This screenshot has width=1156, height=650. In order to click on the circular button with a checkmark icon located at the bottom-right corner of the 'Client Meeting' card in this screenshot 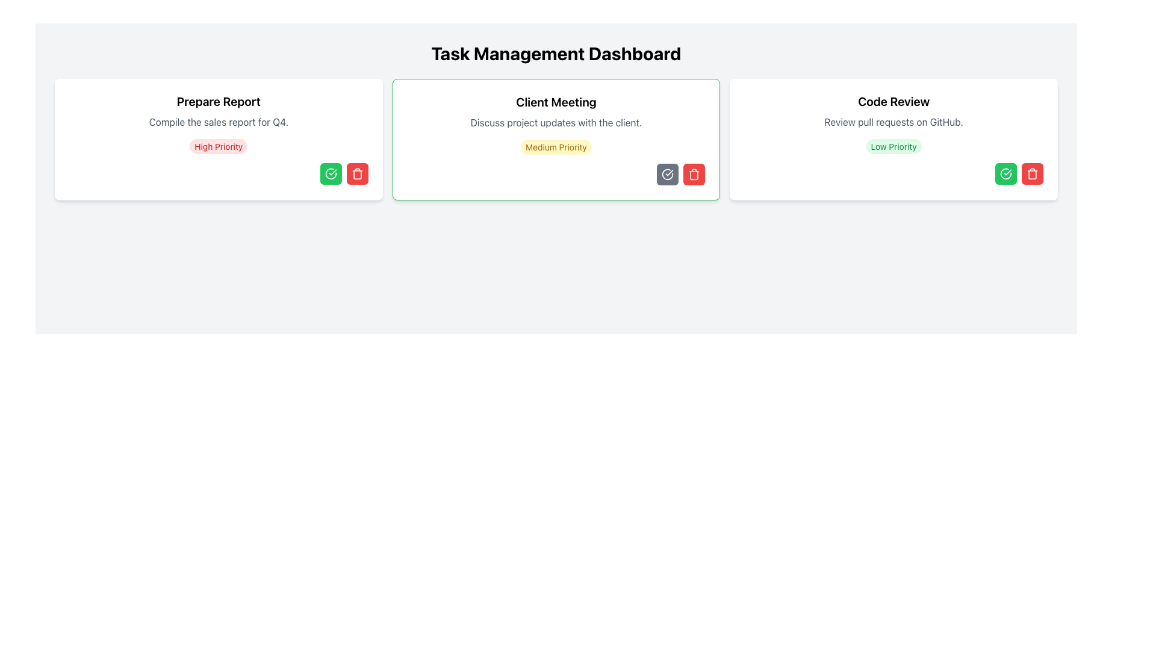, I will do `click(667, 174)`.